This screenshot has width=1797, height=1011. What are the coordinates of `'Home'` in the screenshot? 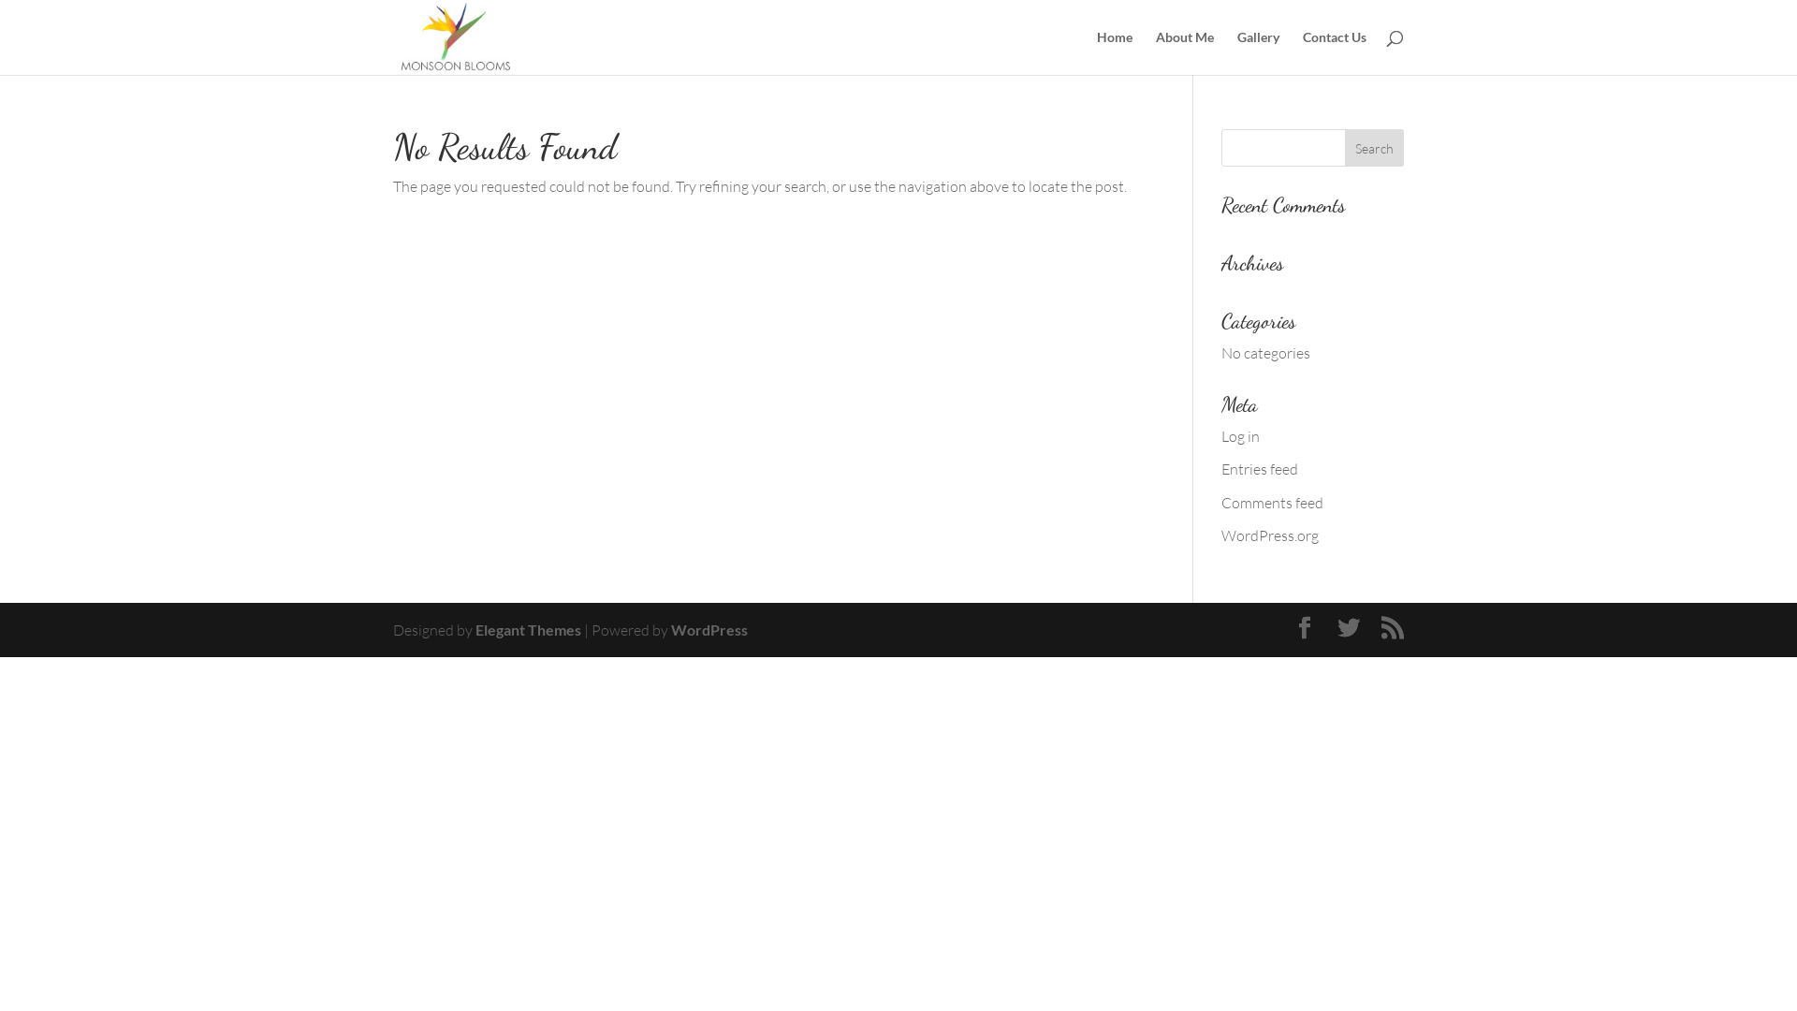 It's located at (1114, 51).